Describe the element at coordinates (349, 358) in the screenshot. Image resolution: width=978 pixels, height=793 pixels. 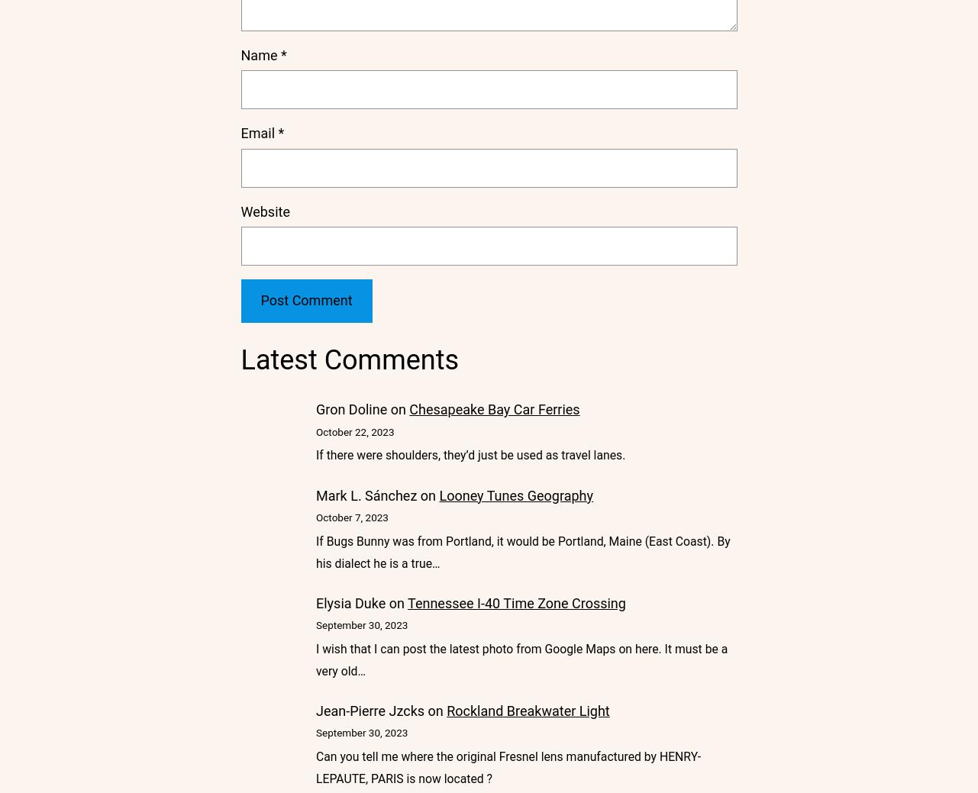
I see `'Latest Comments'` at that location.